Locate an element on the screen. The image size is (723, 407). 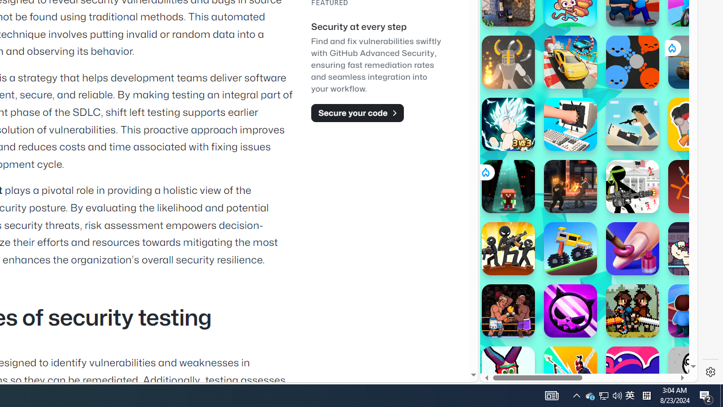
'Nails DIY: Manicure Master Nails DIY: Manicure Master' is located at coordinates (633, 248).